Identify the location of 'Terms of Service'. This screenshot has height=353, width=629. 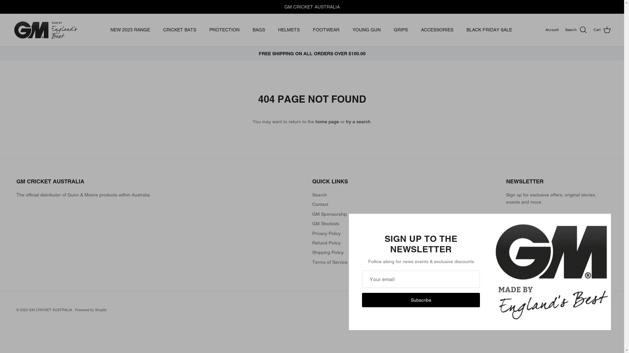
(330, 262).